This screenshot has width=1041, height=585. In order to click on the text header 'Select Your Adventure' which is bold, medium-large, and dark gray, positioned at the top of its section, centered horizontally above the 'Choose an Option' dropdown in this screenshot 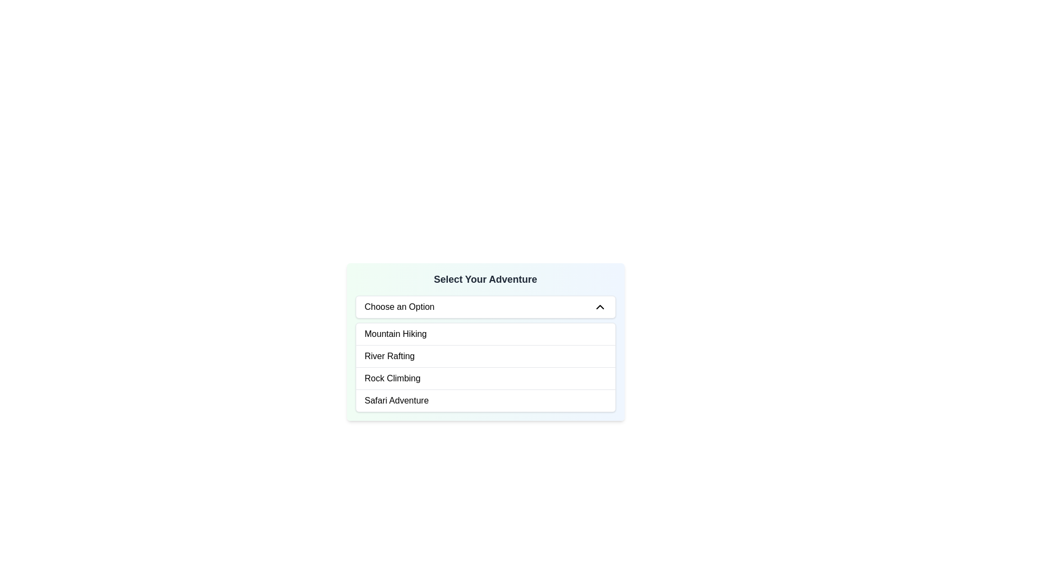, I will do `click(485, 279)`.